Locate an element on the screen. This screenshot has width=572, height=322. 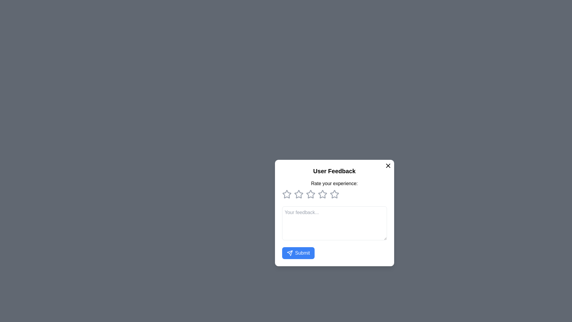
the third star icon is located at coordinates (310, 194).